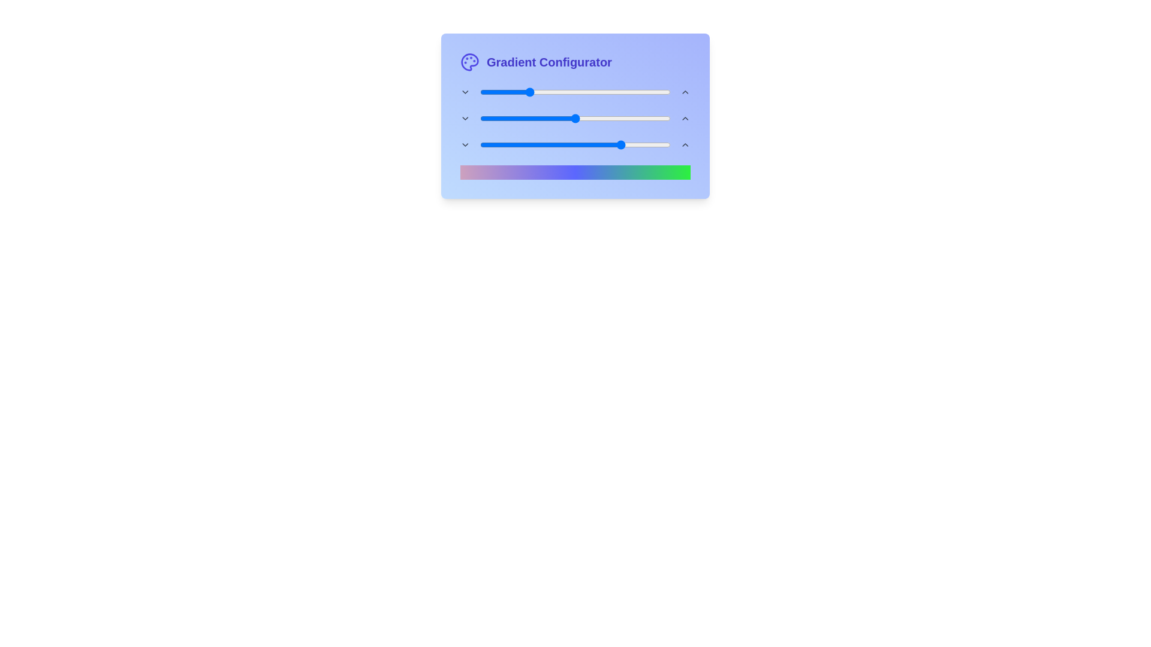 The height and width of the screenshot is (647, 1151). What do you see at coordinates (685, 92) in the screenshot?
I see `'ChevronUp' icon next to the slider` at bounding box center [685, 92].